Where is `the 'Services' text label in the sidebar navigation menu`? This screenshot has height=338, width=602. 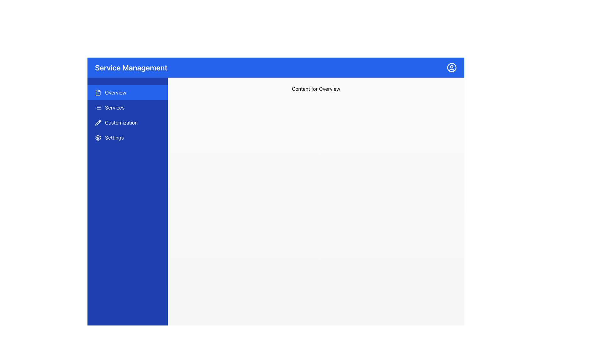 the 'Services' text label in the sidebar navigation menu is located at coordinates (115, 107).